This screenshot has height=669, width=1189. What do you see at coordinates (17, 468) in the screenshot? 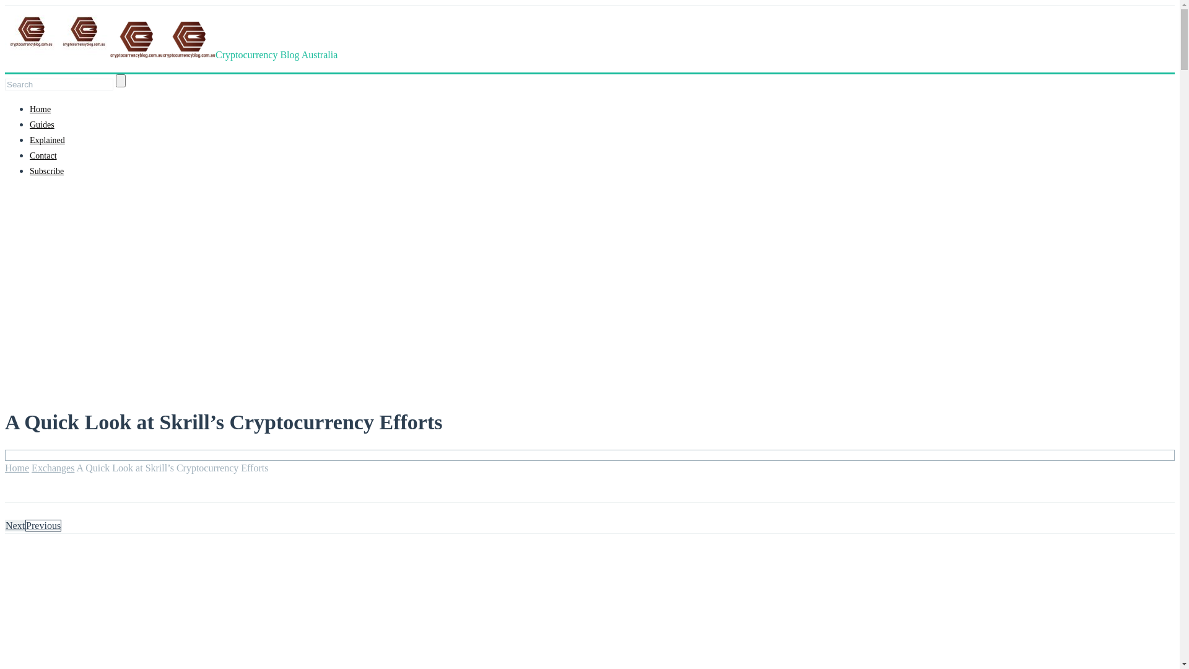
I see `'Home'` at bounding box center [17, 468].